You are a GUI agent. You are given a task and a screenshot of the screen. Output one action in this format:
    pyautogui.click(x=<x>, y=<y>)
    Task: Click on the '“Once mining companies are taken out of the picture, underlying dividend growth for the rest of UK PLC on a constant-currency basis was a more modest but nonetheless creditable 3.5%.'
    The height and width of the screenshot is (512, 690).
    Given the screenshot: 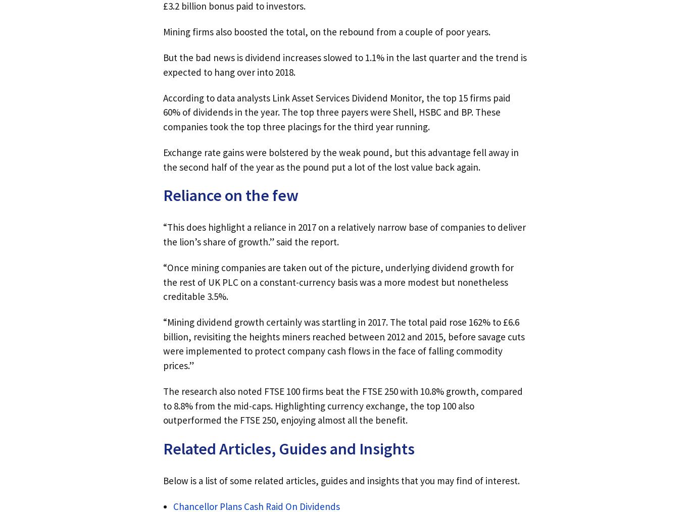 What is the action you would take?
    pyautogui.click(x=338, y=281)
    